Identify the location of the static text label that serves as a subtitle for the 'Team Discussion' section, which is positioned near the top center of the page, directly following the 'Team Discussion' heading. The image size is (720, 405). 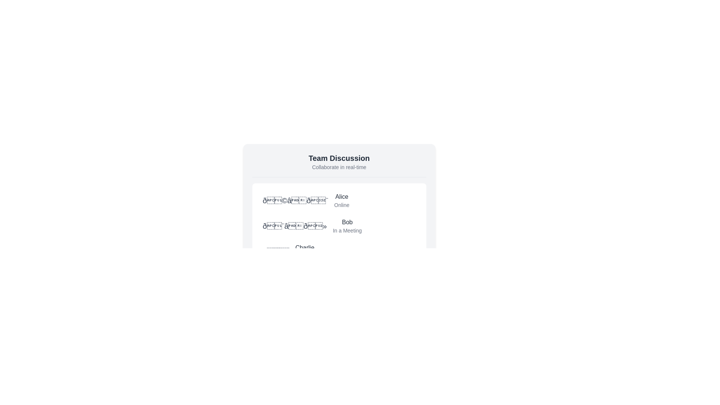
(339, 167).